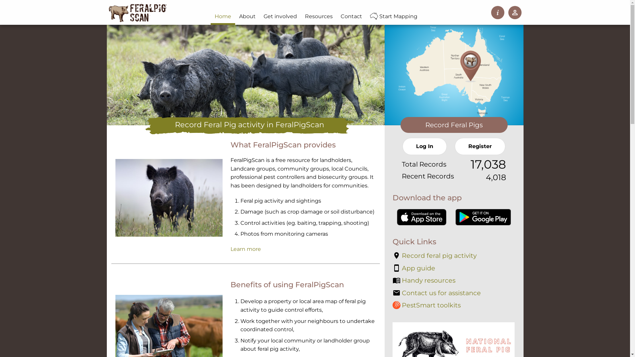 This screenshot has width=635, height=357. Describe the element at coordinates (421, 217) in the screenshot. I see `'Download the FeralScan App on the App Store'` at that location.